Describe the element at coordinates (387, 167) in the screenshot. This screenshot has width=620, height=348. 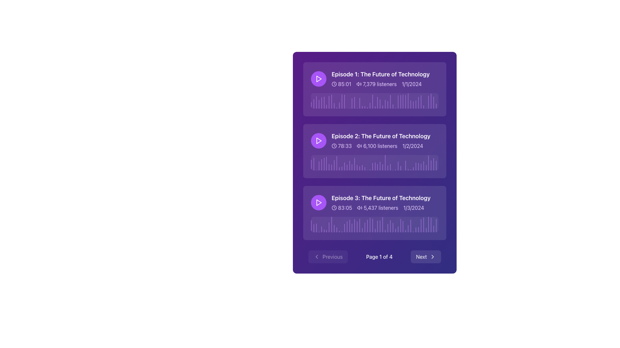
I see `the visual marker element, which is a thin vertical line within a waveform representation for audio content, styled with a semi-transparent purple background, located at the center of the horizontal waveform bar` at that location.